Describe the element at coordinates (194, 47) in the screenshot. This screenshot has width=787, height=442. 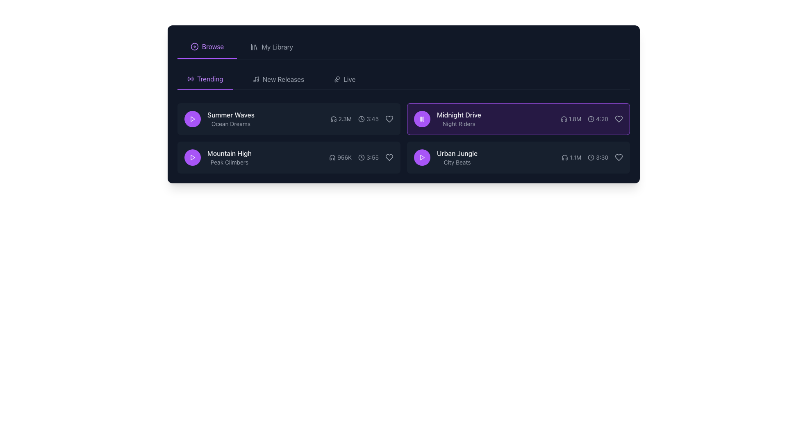
I see `the visual representation of the small circular purple icon located in the top-left corner of the interface, adjacent to the 'Browse' text` at that location.